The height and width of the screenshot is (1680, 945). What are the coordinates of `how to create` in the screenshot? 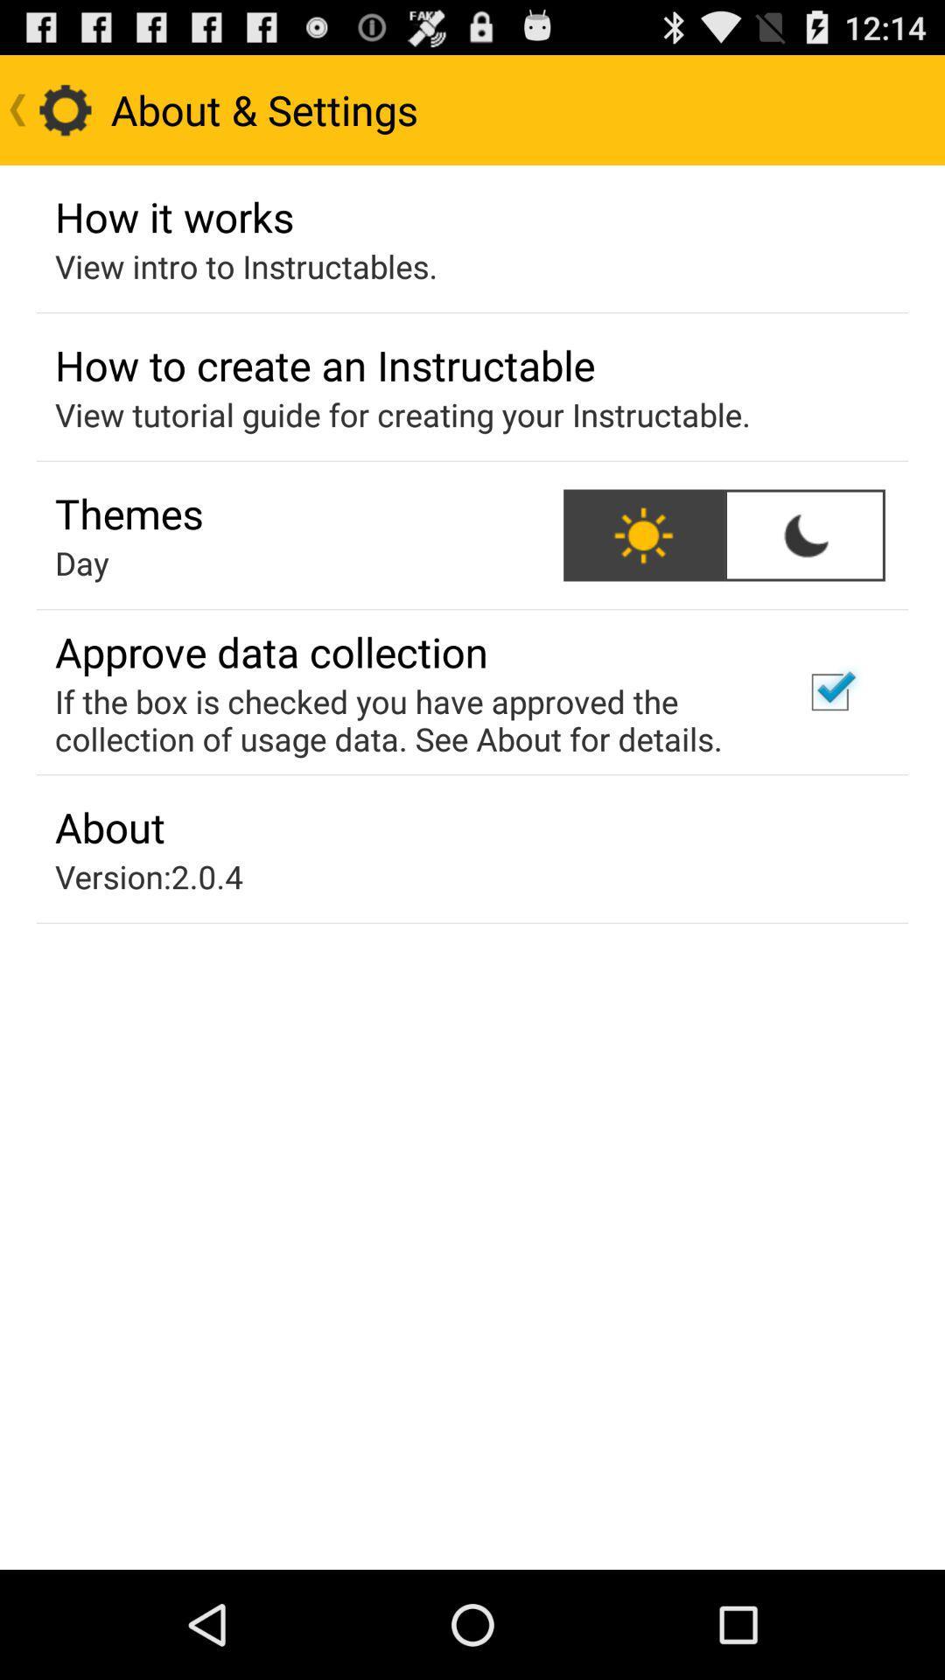 It's located at (325, 364).